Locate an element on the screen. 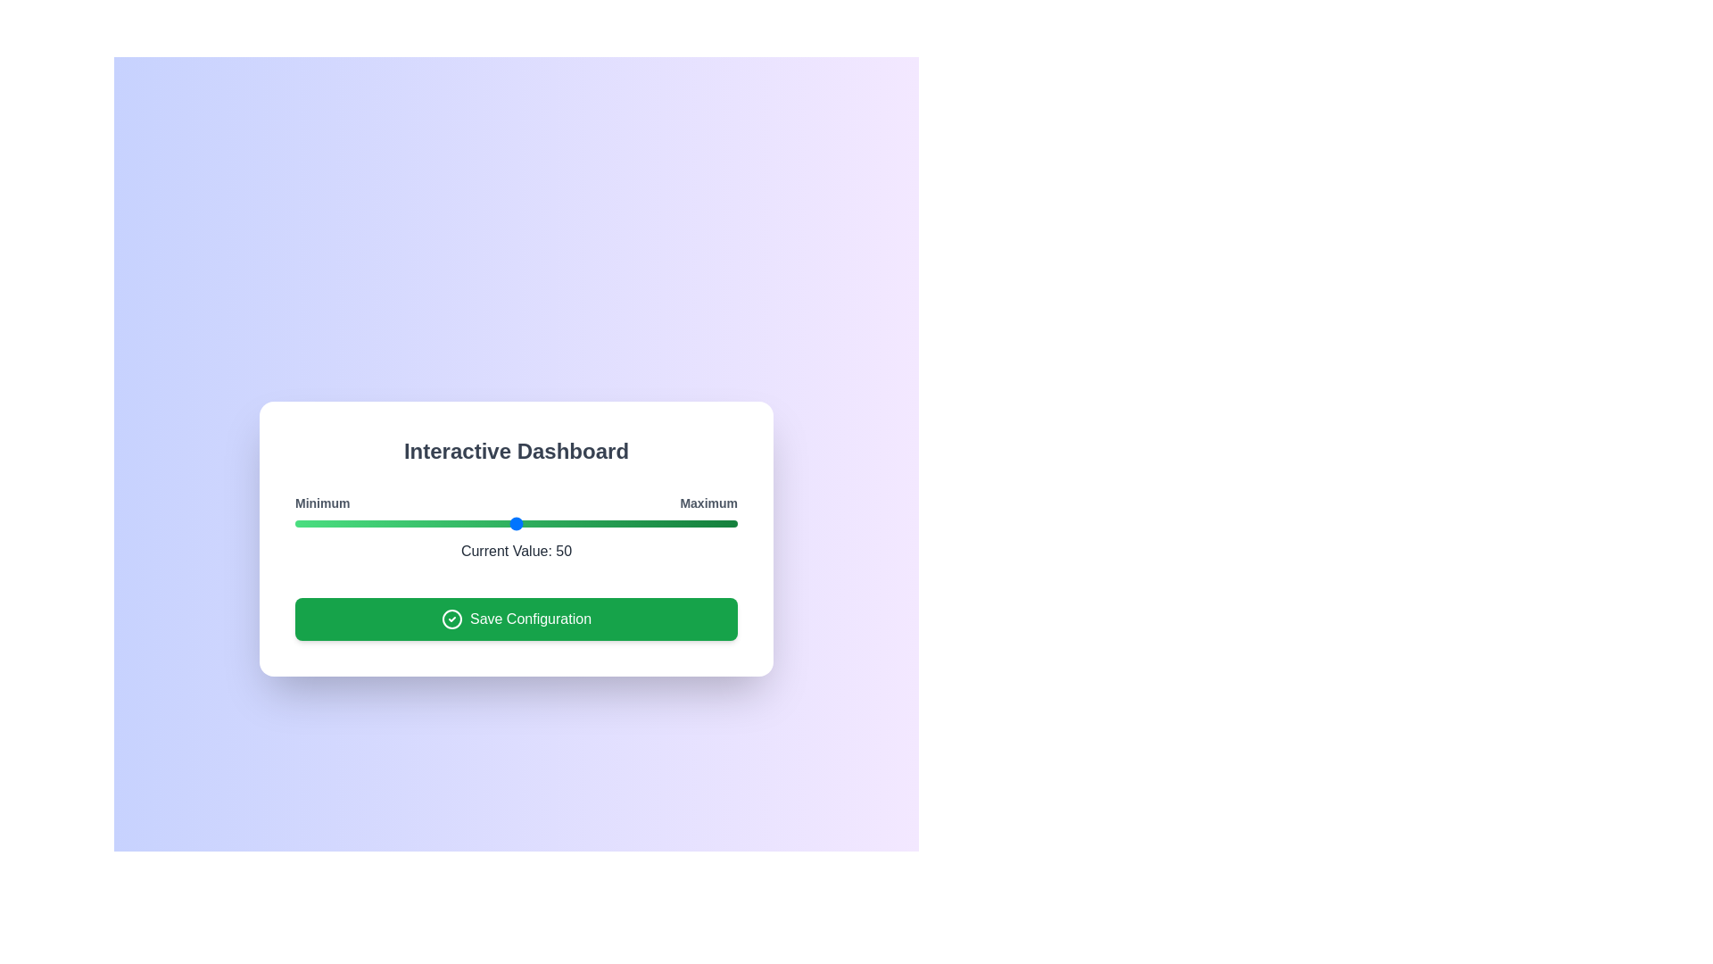 This screenshot has height=964, width=1713. the slider to set the value to 1 is located at coordinates (300, 522).